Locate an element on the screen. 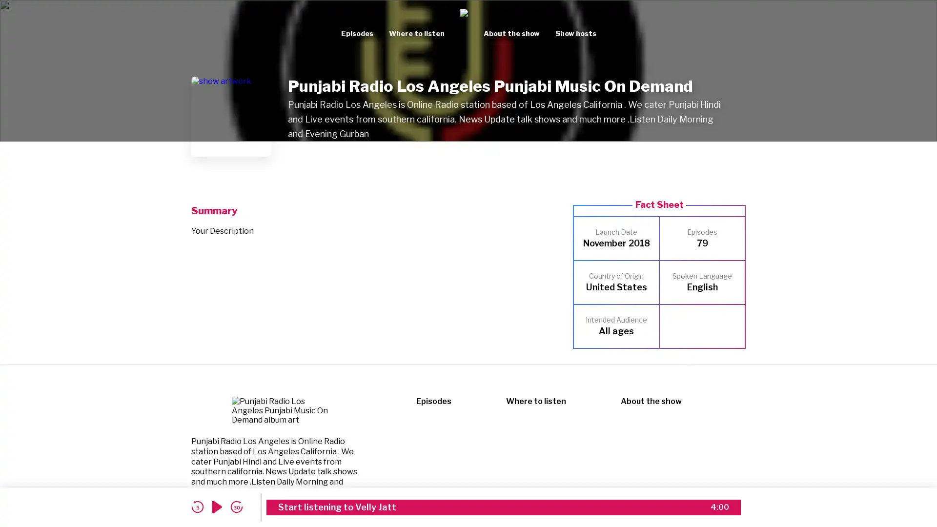 The width and height of the screenshot is (937, 527). play audio is located at coordinates (217, 507).